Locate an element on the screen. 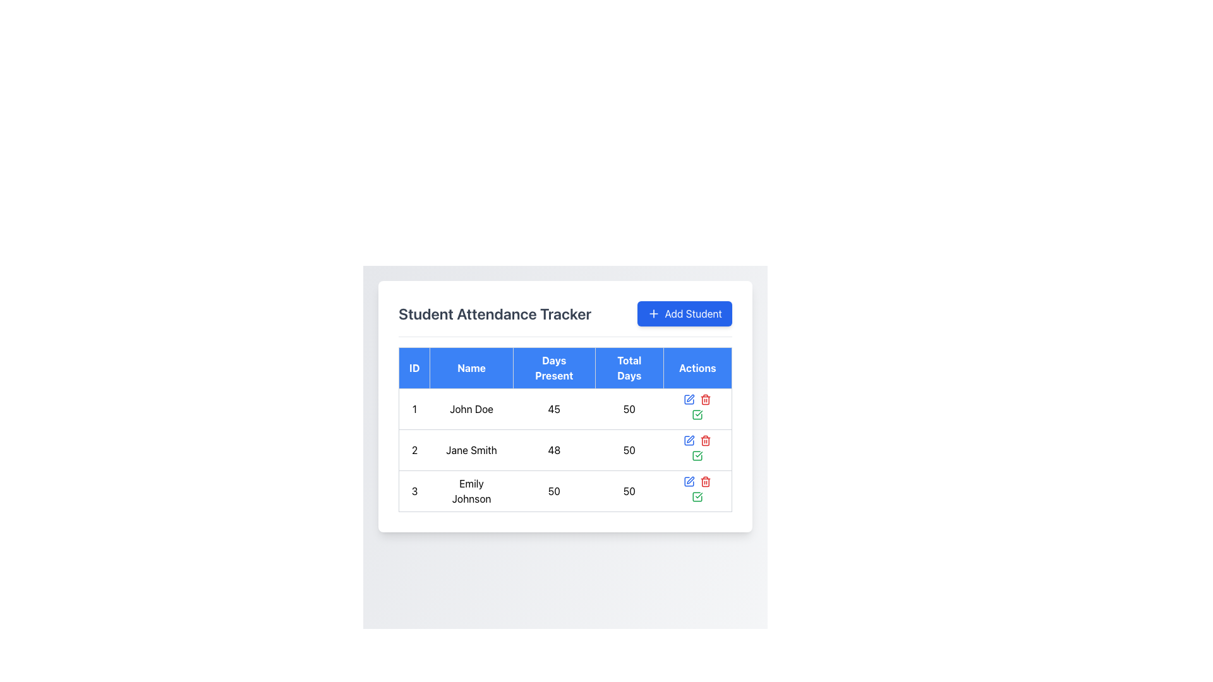 The image size is (1213, 682). the plus sign icon located within the blue 'Add Student' button, which is intended is located at coordinates (653, 313).